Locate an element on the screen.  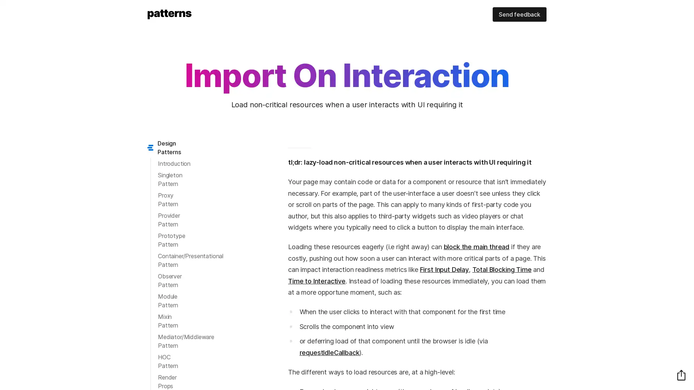
Share is located at coordinates (681, 374).